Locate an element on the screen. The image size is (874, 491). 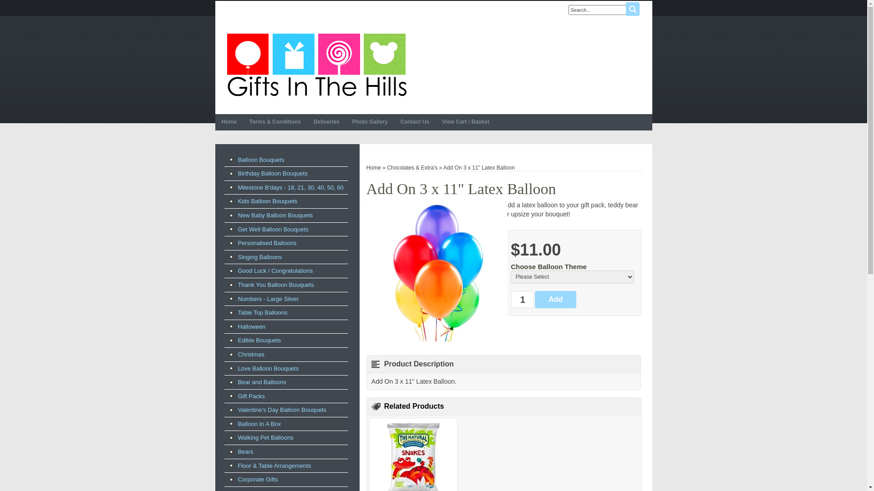
'Bear and Balloons' is located at coordinates (224, 382).